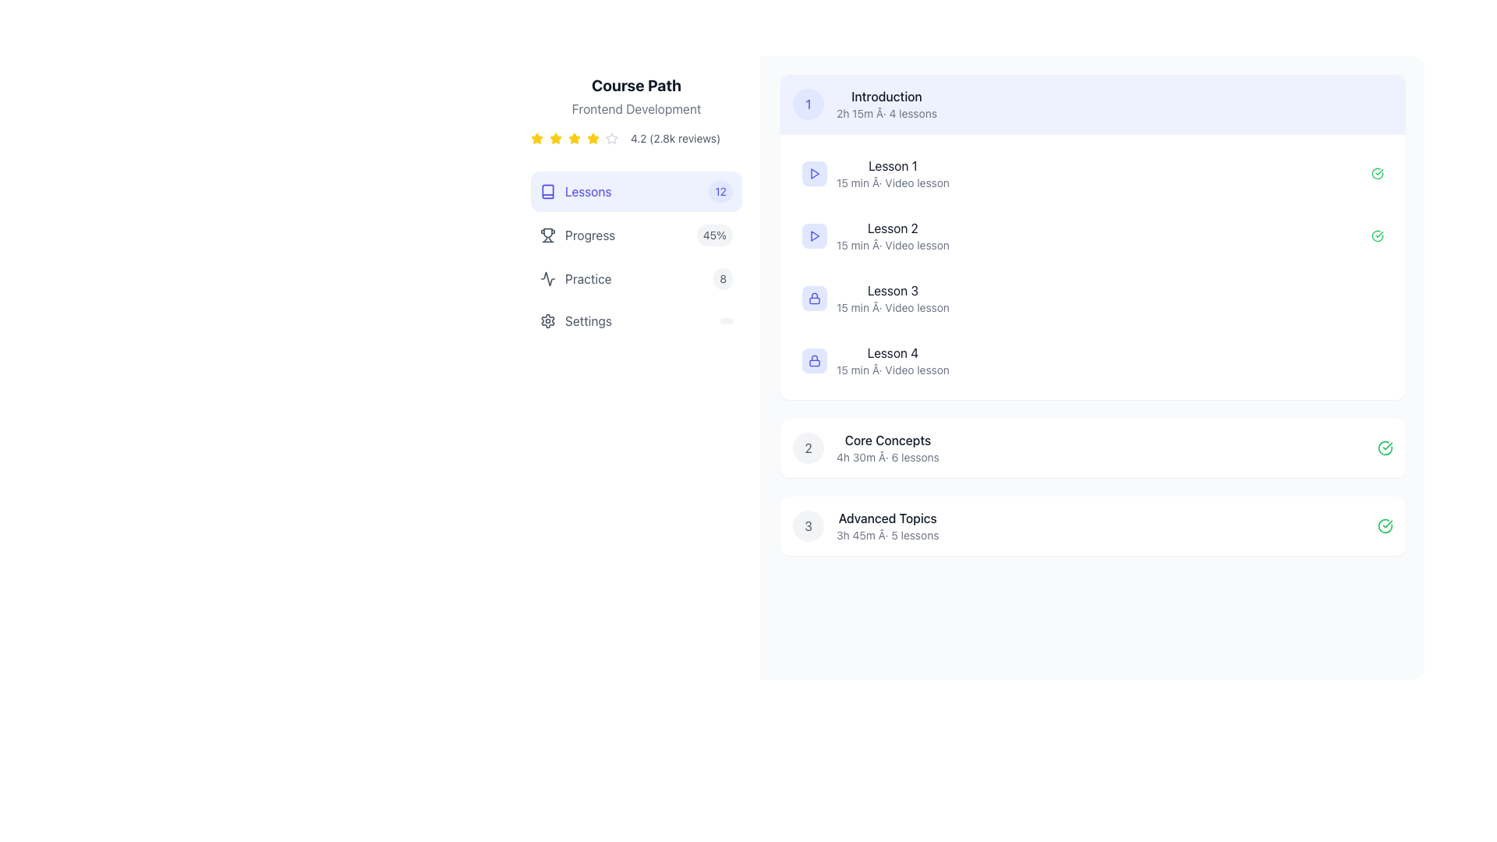 This screenshot has height=842, width=1497. I want to click on the text display component showing '45%' which is located next to the 'Progress' label in the left sidebar of the interface, so click(713, 235).